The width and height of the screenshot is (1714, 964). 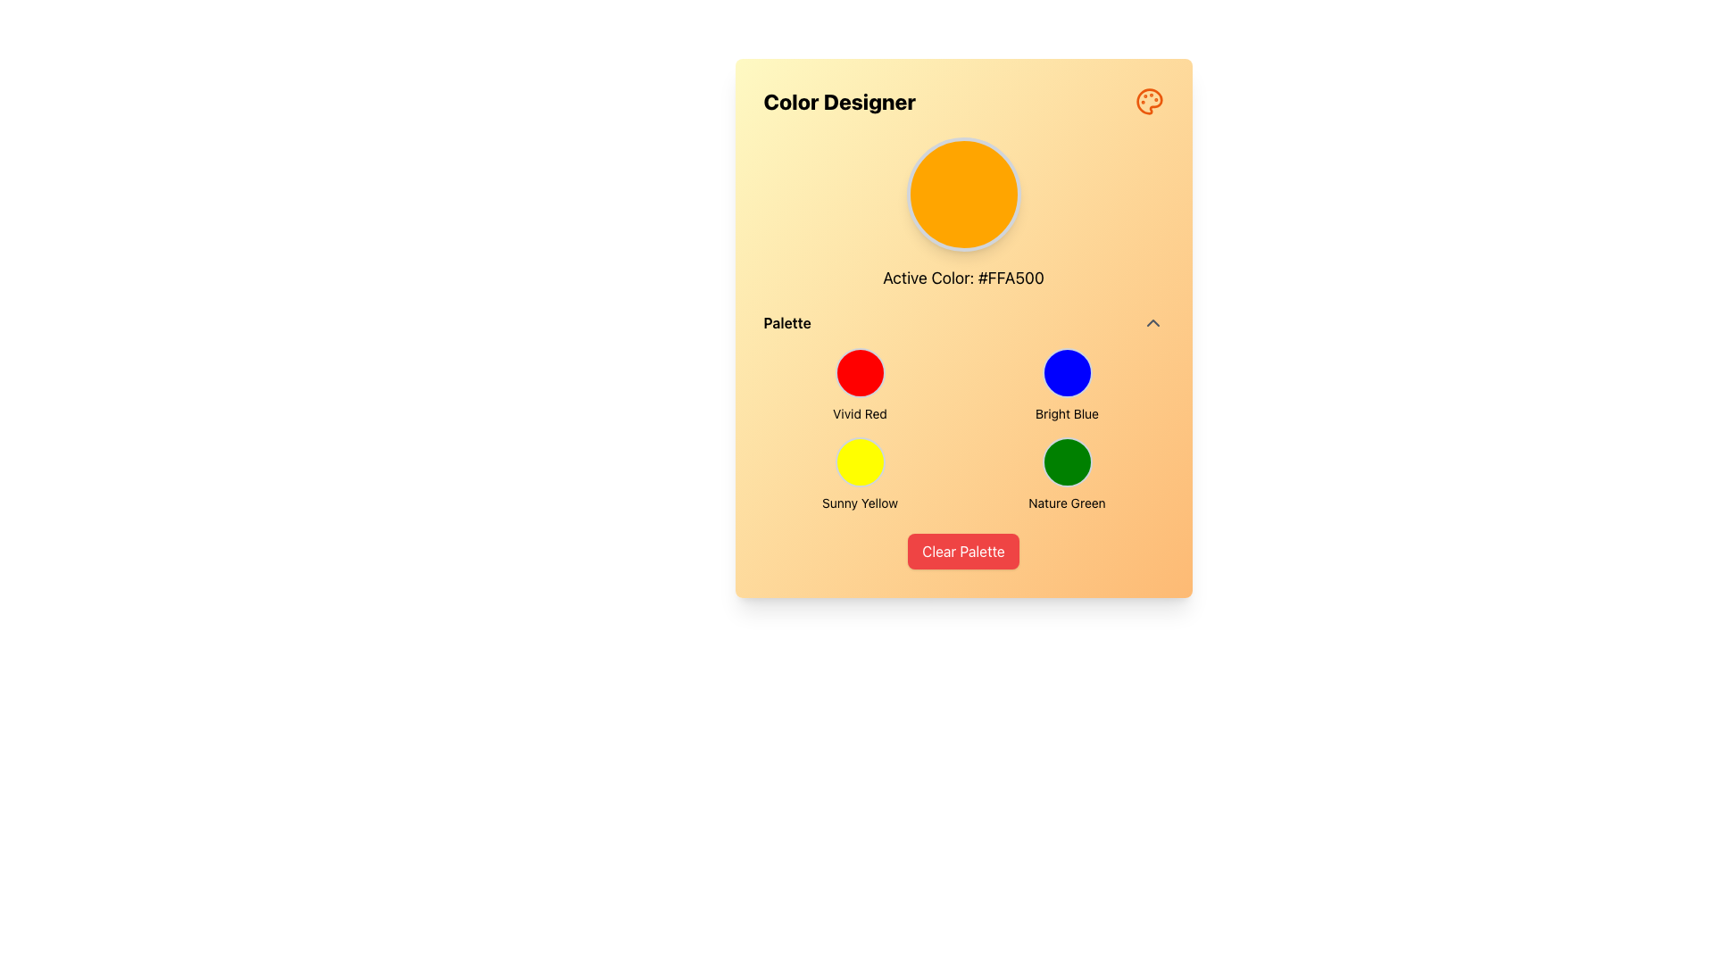 What do you see at coordinates (1067, 385) in the screenshot?
I see `the 'Bright Blue' color component, which is a circular button with a bright blue background and a label directly below it` at bounding box center [1067, 385].